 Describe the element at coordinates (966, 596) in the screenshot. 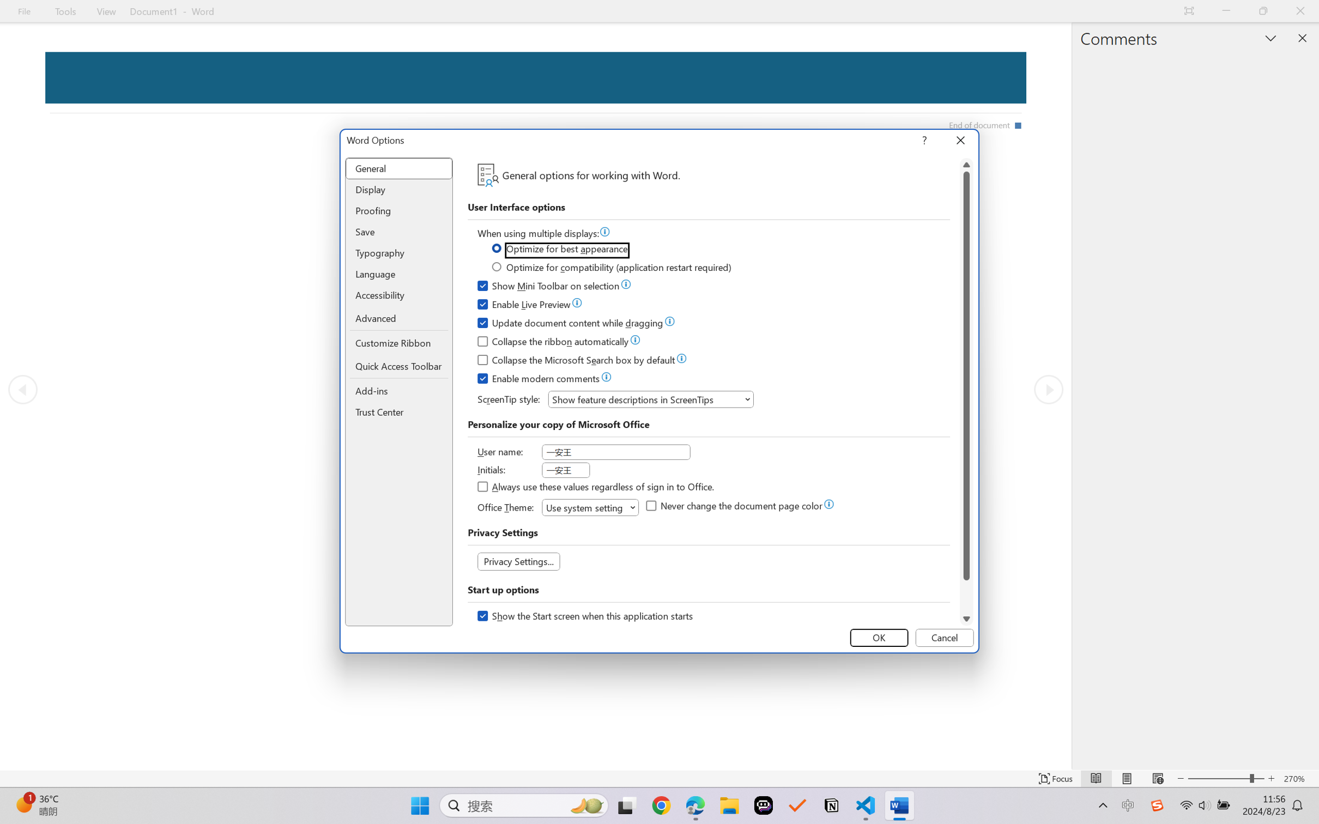

I see `'Page down'` at that location.